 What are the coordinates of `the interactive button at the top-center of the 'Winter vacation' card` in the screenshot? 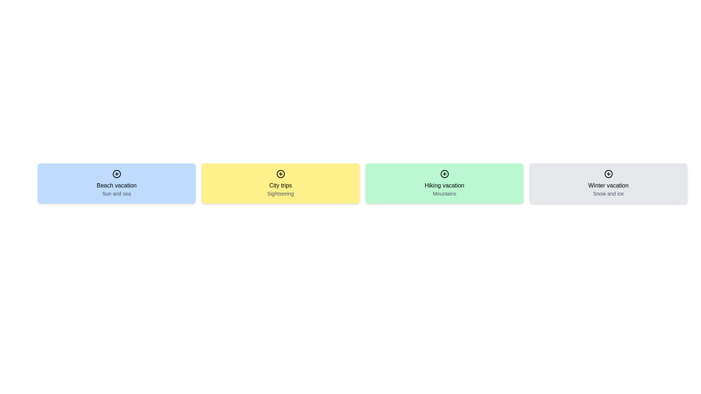 It's located at (608, 174).